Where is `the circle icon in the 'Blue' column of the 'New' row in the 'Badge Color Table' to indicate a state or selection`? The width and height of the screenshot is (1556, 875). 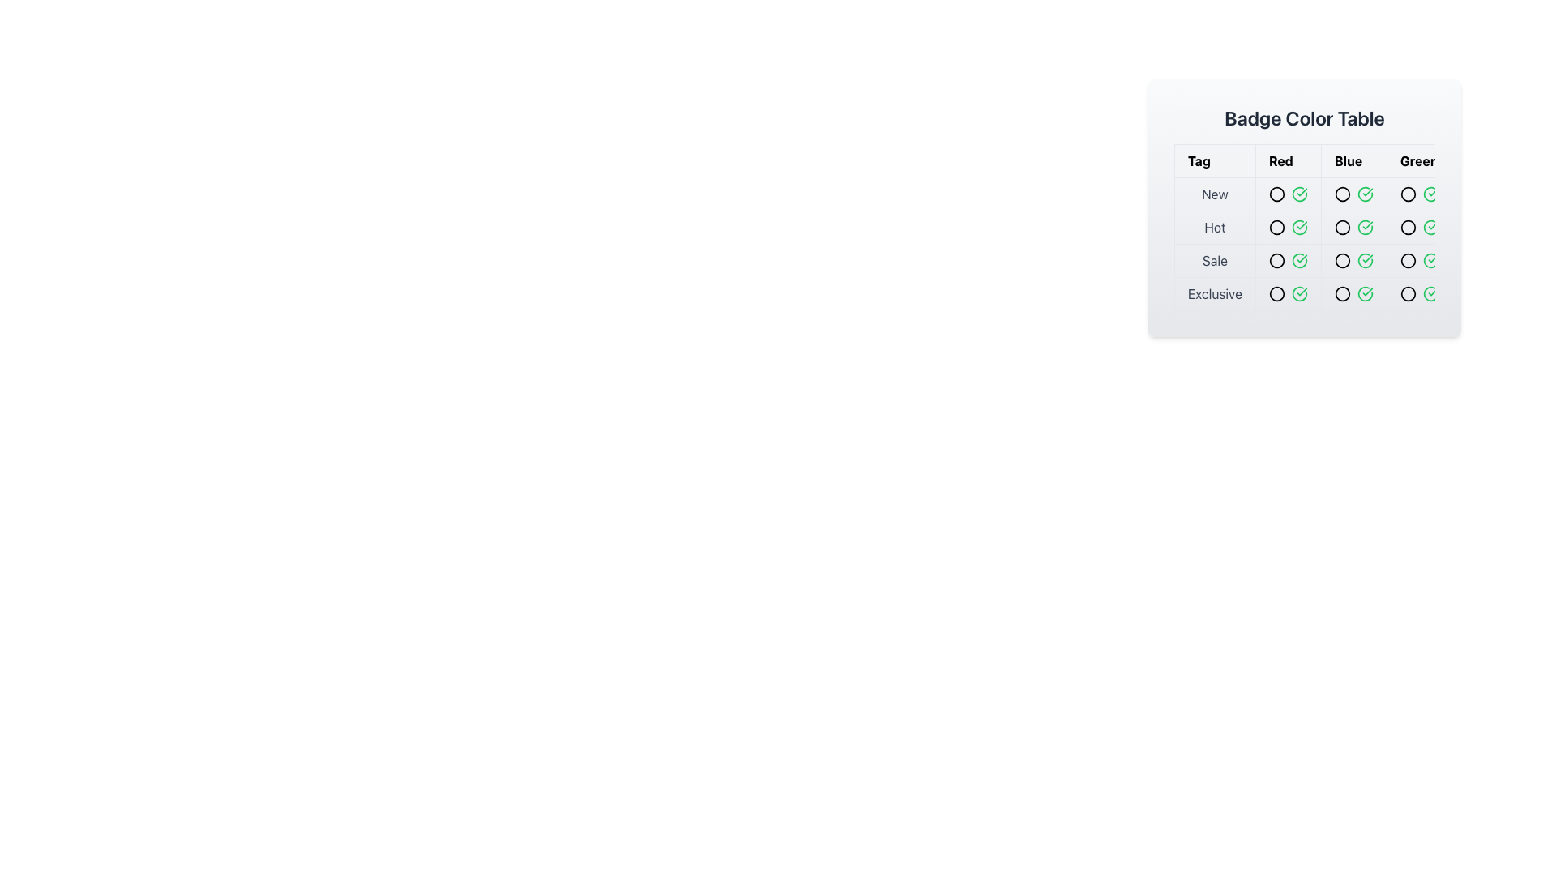 the circle icon in the 'Blue' column of the 'New' row in the 'Badge Color Table' to indicate a state or selection is located at coordinates (1342, 193).